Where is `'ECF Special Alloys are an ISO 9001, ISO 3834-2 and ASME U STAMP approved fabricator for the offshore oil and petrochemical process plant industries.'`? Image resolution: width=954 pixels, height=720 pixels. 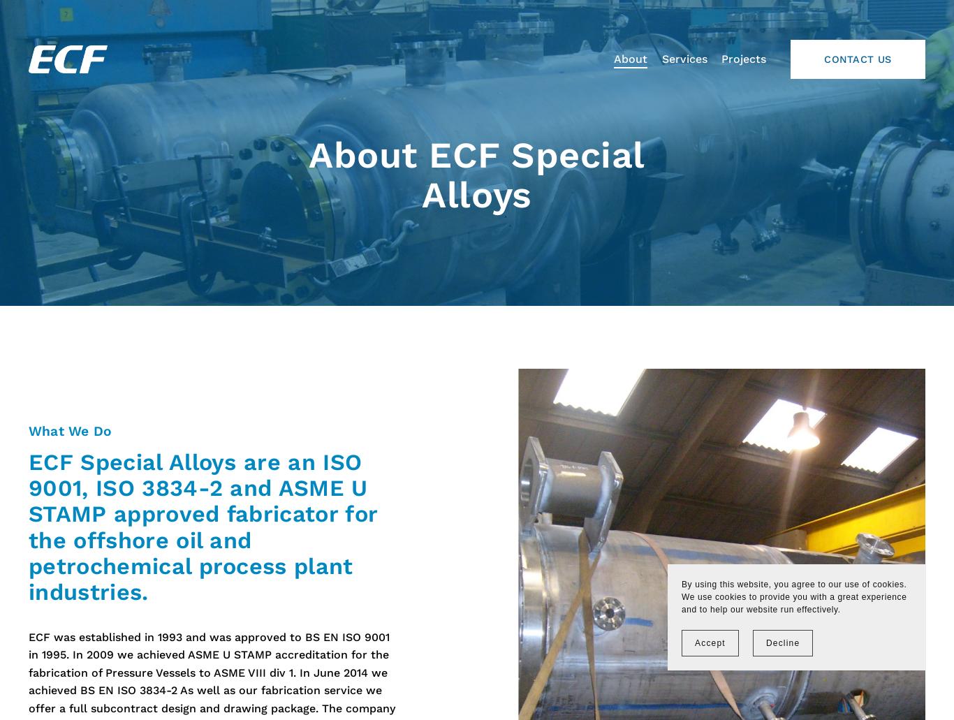
'ECF Special Alloys are an ISO 9001, ISO 3834-2 and ASME U STAMP approved fabricator for the offshore oil and petrochemical process plant industries.' is located at coordinates (28, 526).